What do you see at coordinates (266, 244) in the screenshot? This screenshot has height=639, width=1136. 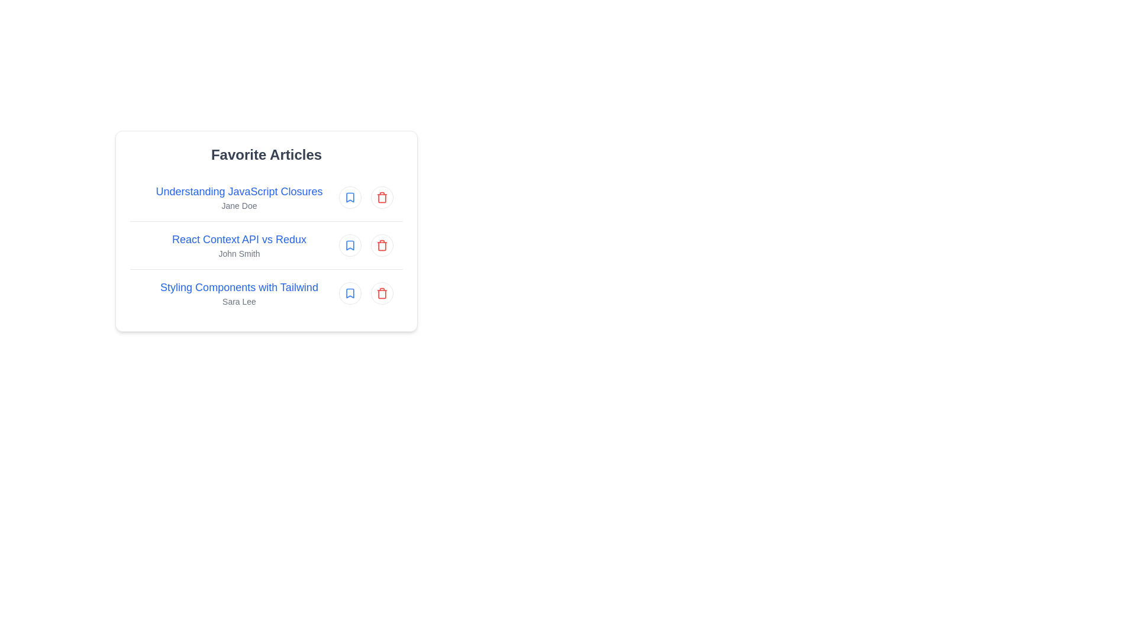 I see `the article entry titled 'React Context API vs Redux'` at bounding box center [266, 244].